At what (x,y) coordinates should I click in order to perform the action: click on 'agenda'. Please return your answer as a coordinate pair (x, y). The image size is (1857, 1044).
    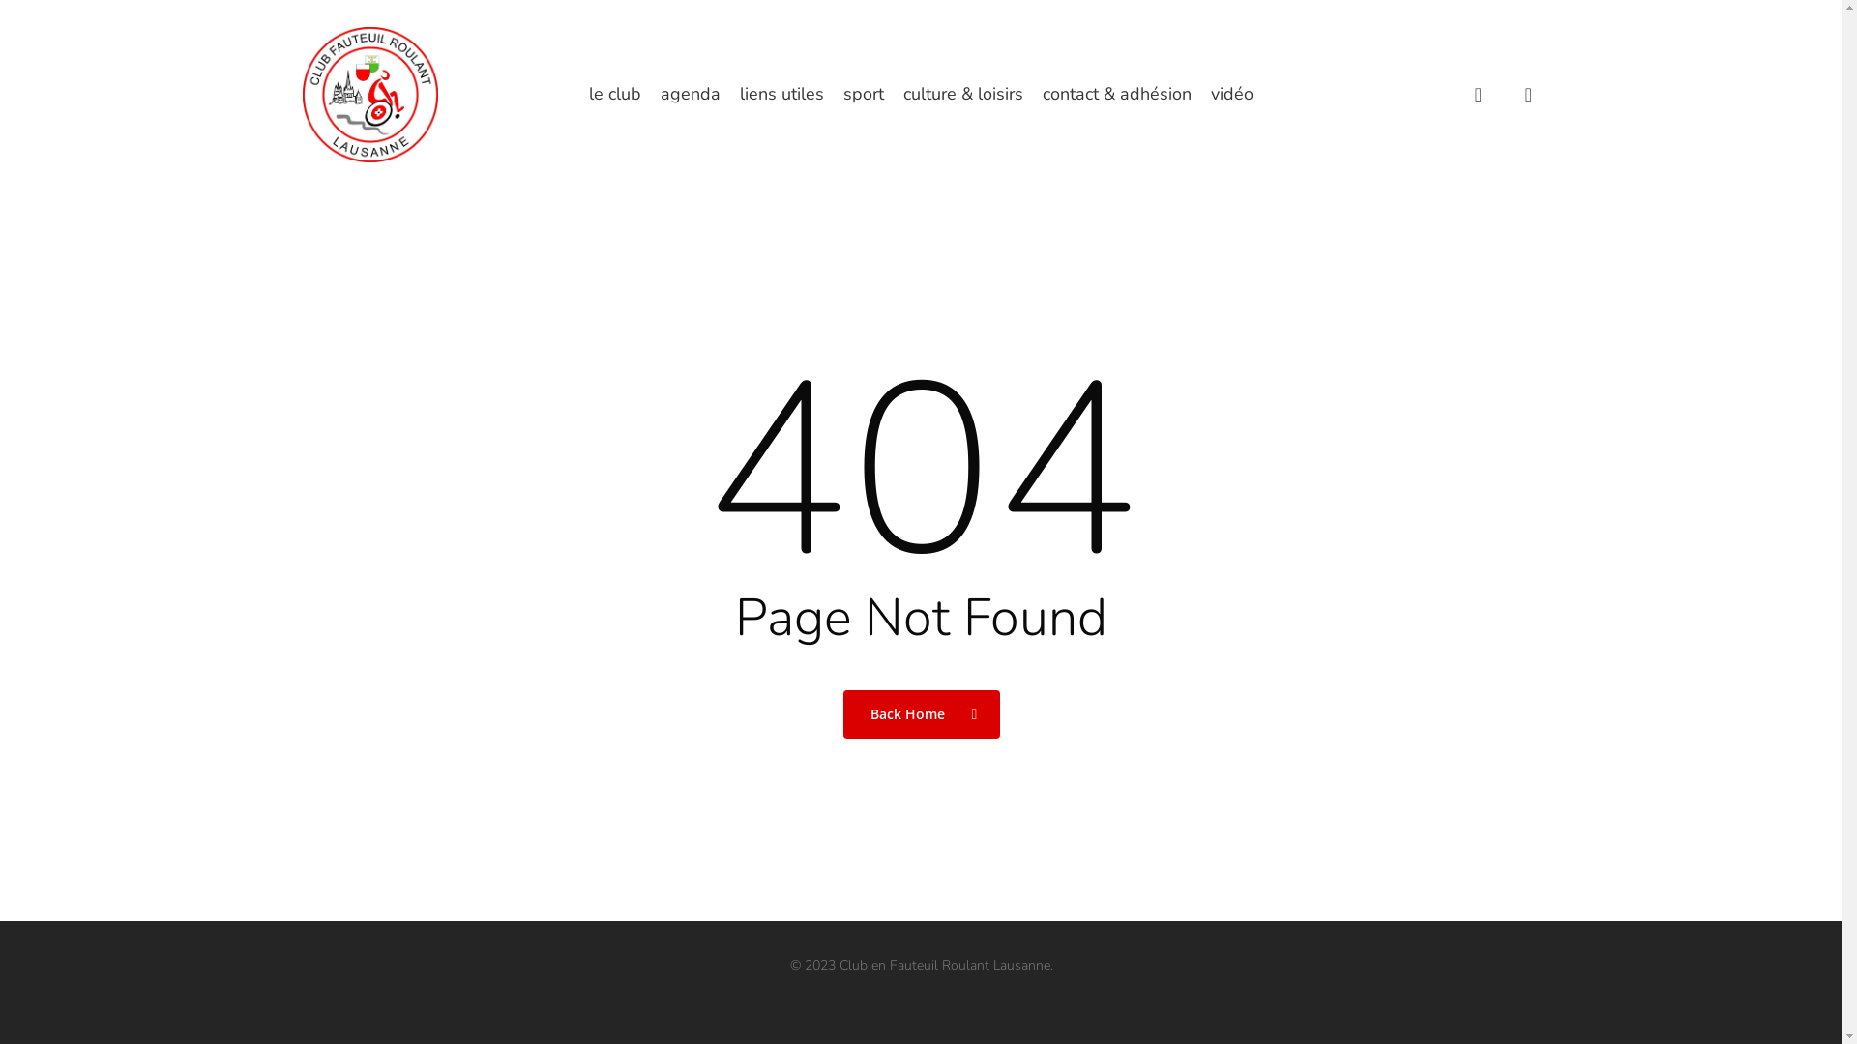
    Looking at the image, I should click on (691, 94).